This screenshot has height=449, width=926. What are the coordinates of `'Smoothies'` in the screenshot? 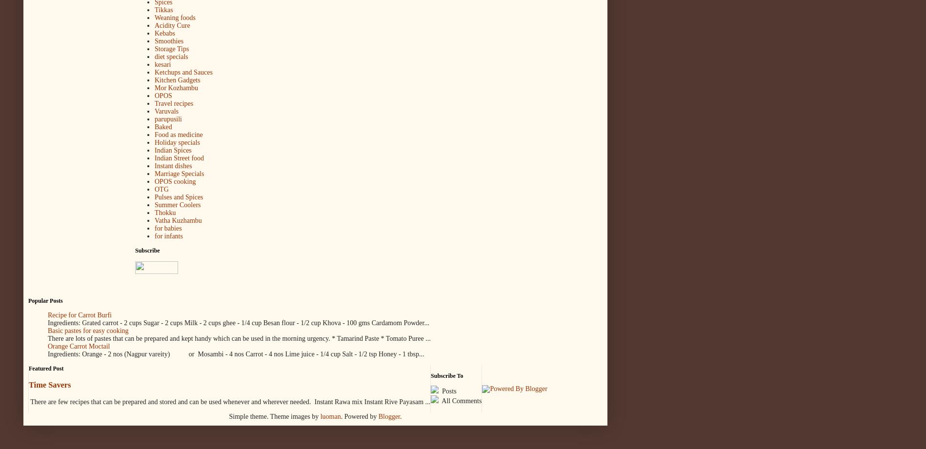 It's located at (169, 41).